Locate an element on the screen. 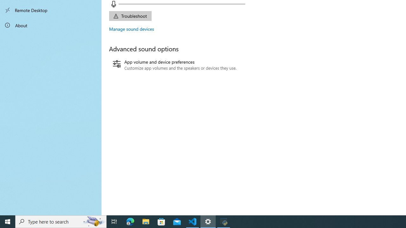 This screenshot has width=406, height=228. 'Manage sound devices' is located at coordinates (131, 29).